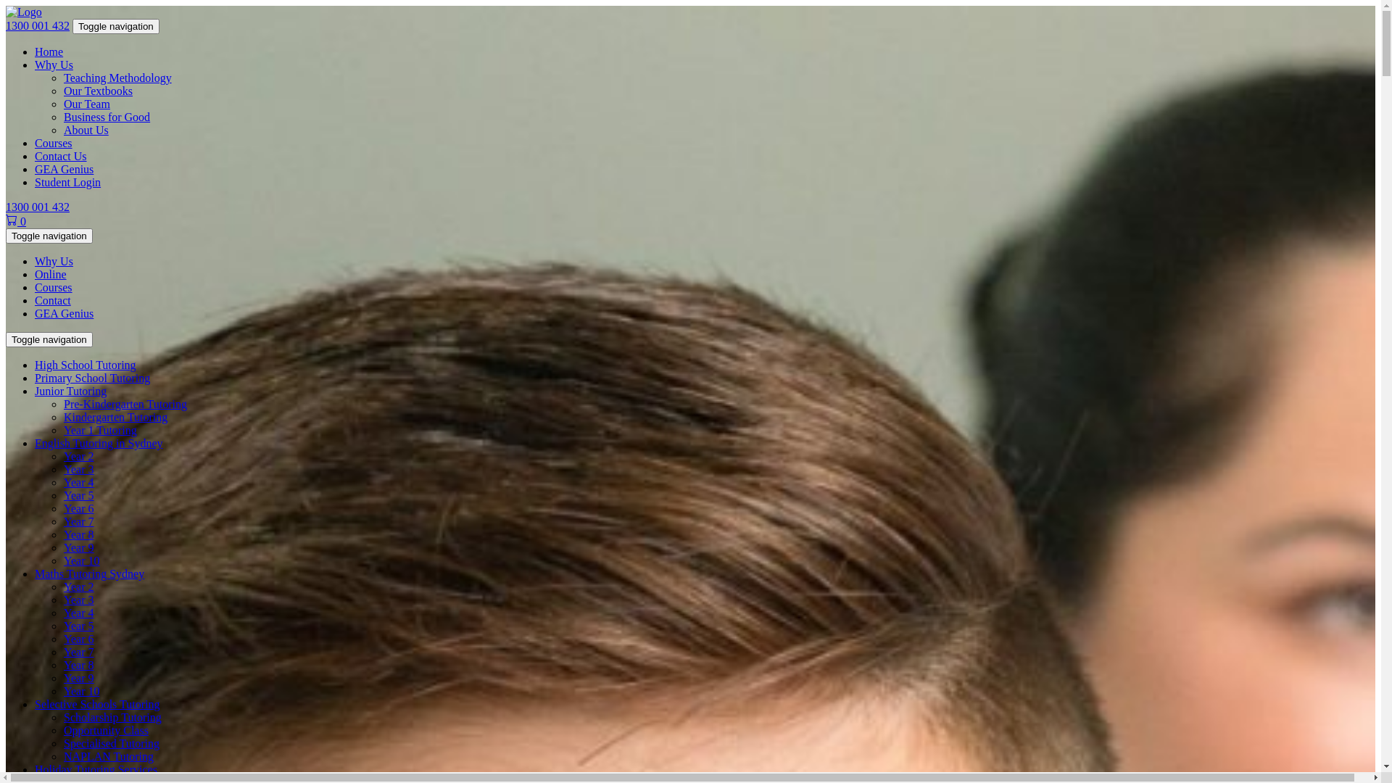 The image size is (1392, 783). What do you see at coordinates (16, 221) in the screenshot?
I see `'0'` at bounding box center [16, 221].